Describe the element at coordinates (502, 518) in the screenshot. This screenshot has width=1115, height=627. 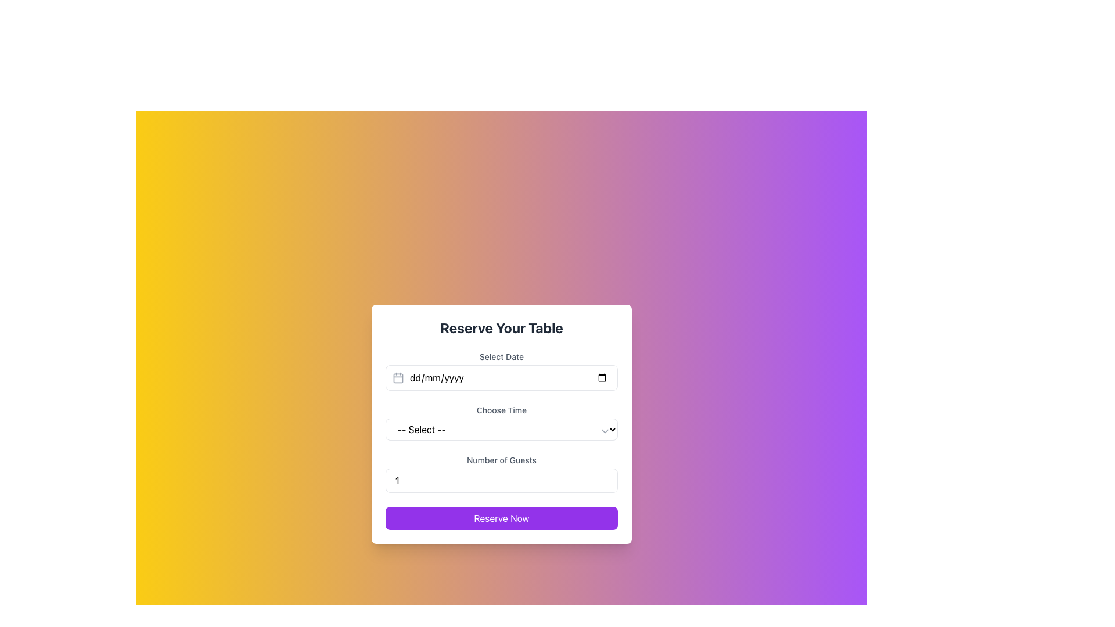
I see `the 'Reserve Now' button, which is a rectangular button with a purple background and white text, located at the bottom of a form inside a white rectangular card` at that location.